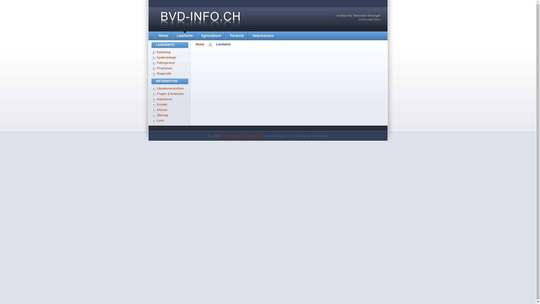 The image size is (540, 304). Describe the element at coordinates (151, 109) in the screenshot. I see `'Glossar'` at that location.